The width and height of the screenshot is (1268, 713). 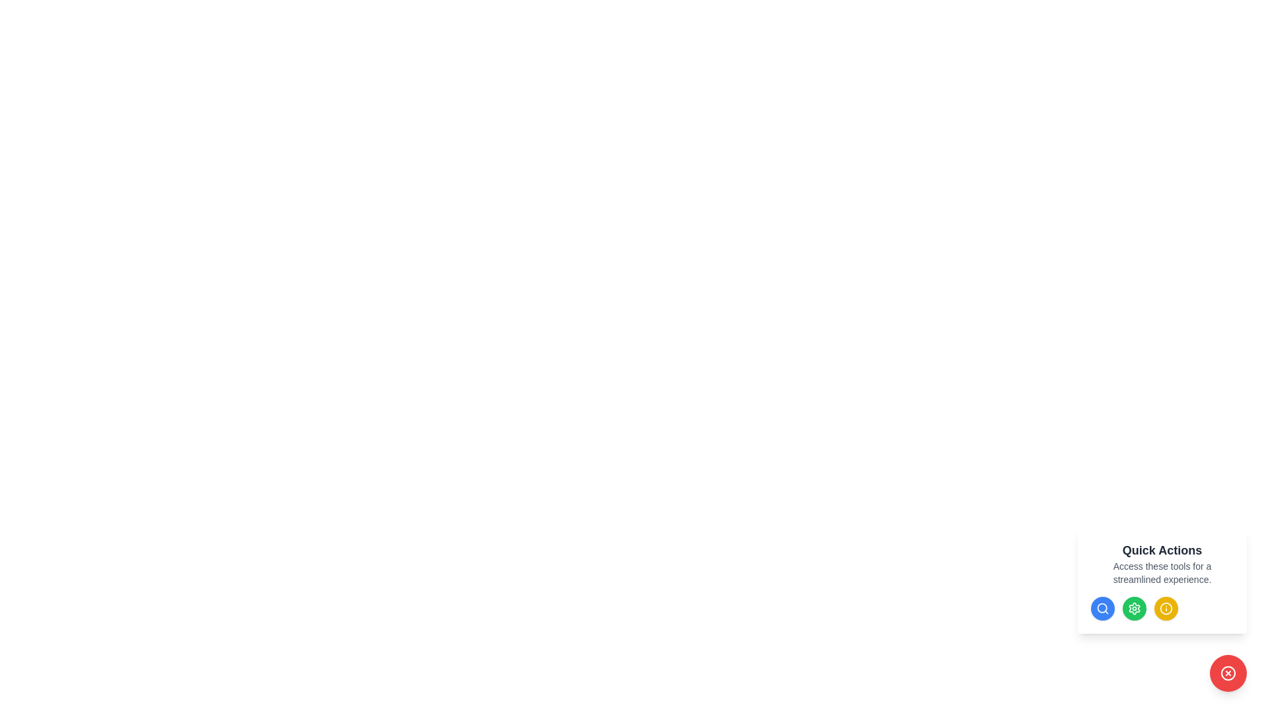 I want to click on the green circular button with a white gear icon in the 'Quick Actions' section, so click(x=1134, y=608).